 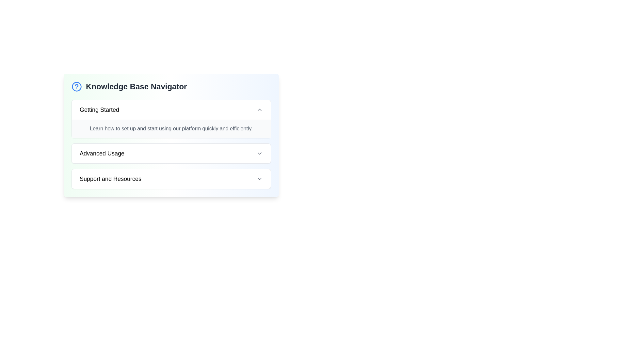 I want to click on the 'Getting Started' text label, which is prominently displayed in bold and larger font size at the top-left corner of the collapsible menu component, so click(x=99, y=109).